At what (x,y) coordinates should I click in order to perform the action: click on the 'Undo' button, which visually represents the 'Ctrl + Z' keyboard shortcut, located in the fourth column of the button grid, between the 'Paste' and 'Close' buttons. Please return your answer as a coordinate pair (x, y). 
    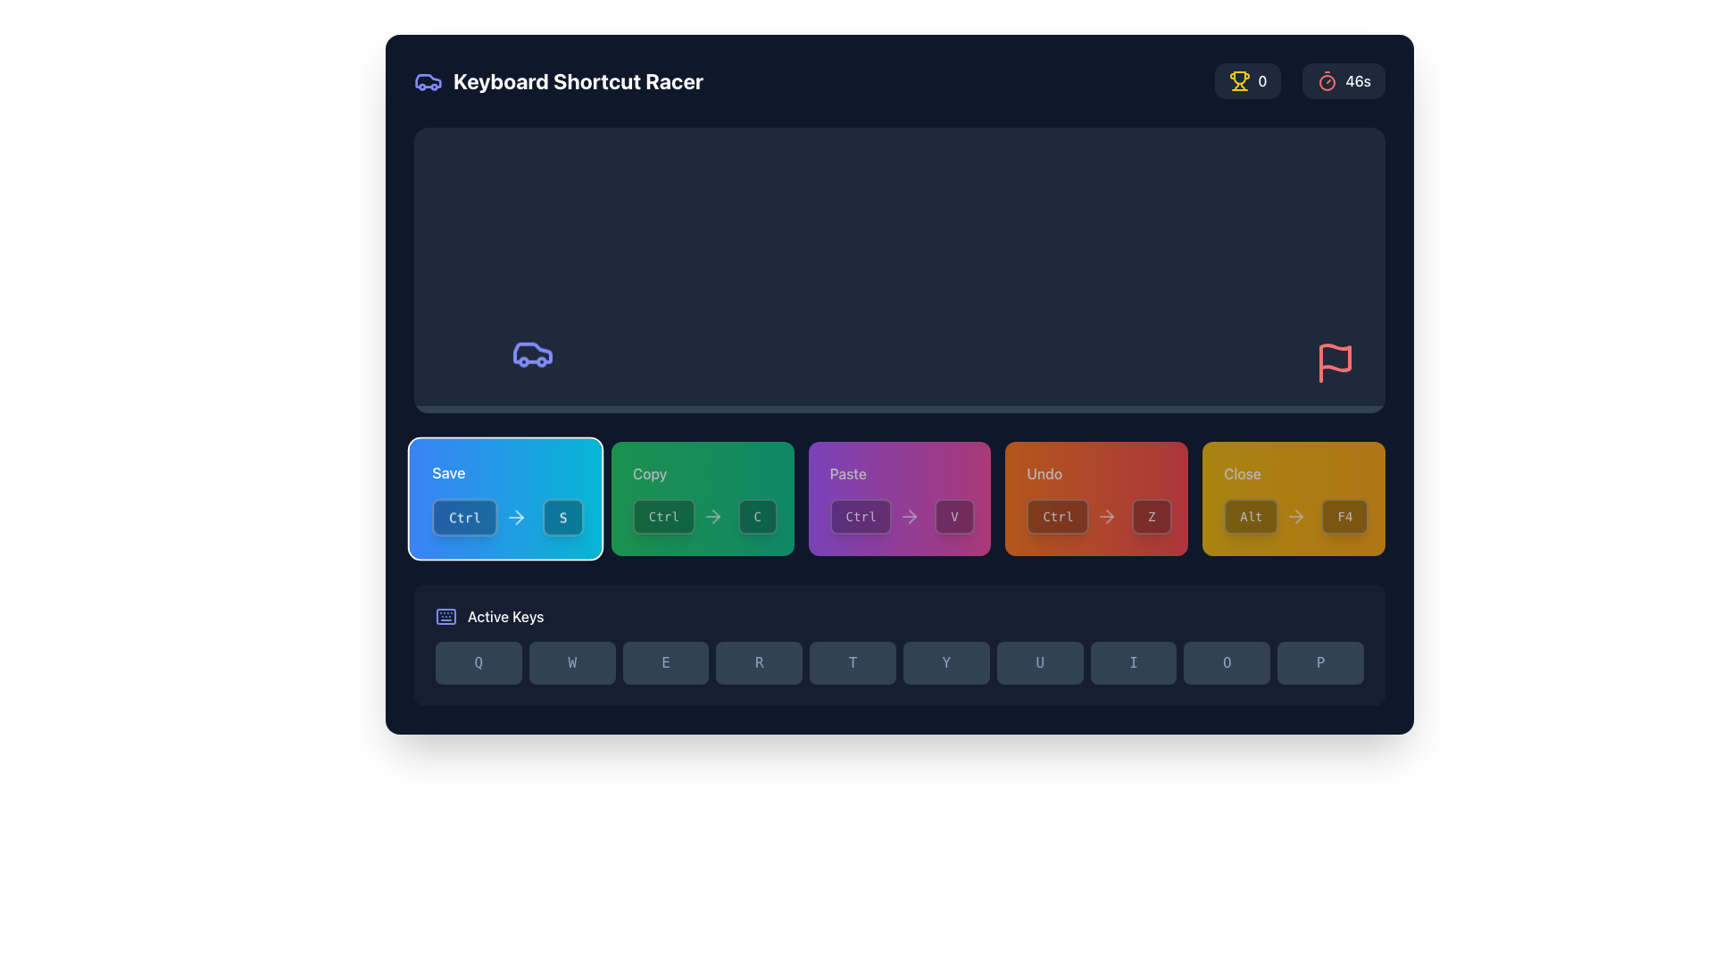
    Looking at the image, I should click on (1095, 499).